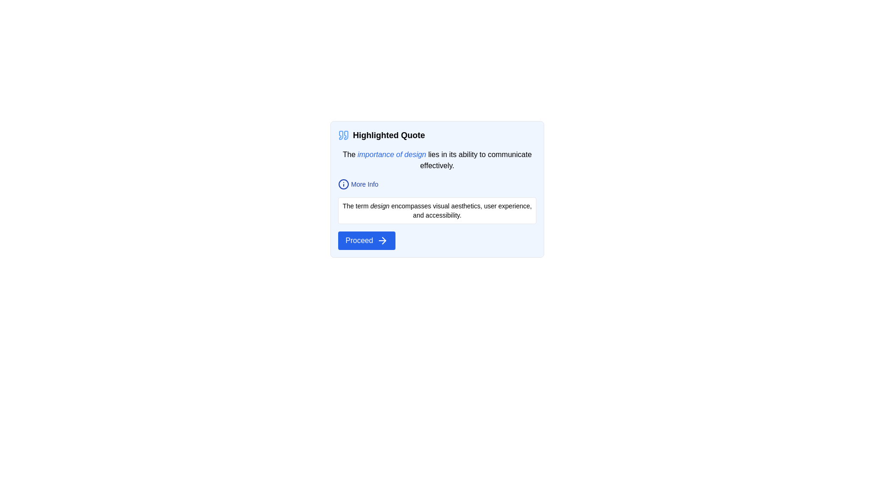  I want to click on the arrowhead icon located at the bottom right of the 'Proceed' modal, so click(384, 240).